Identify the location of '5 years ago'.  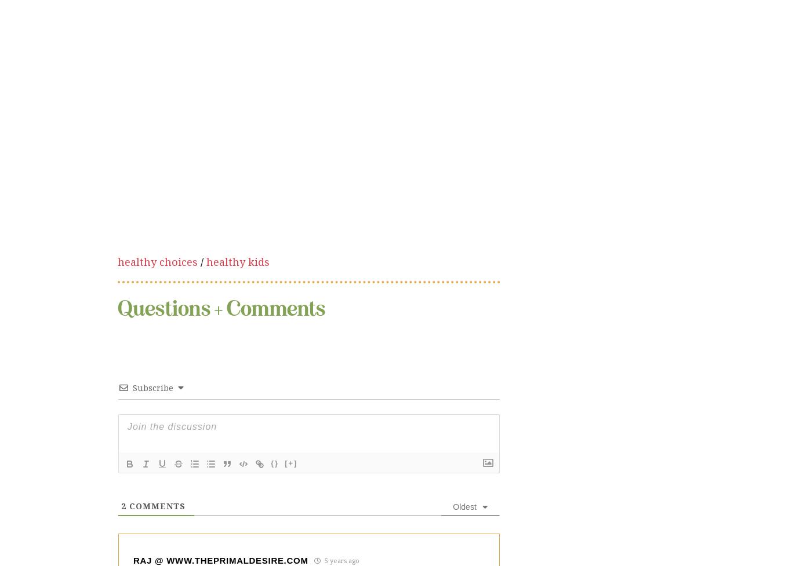
(340, 464).